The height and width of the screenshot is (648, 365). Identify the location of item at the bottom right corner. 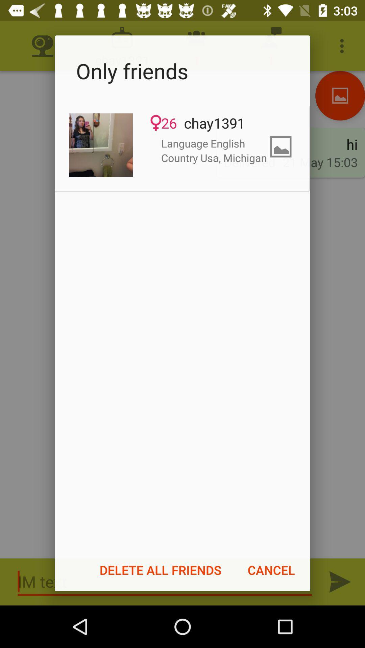
(271, 570).